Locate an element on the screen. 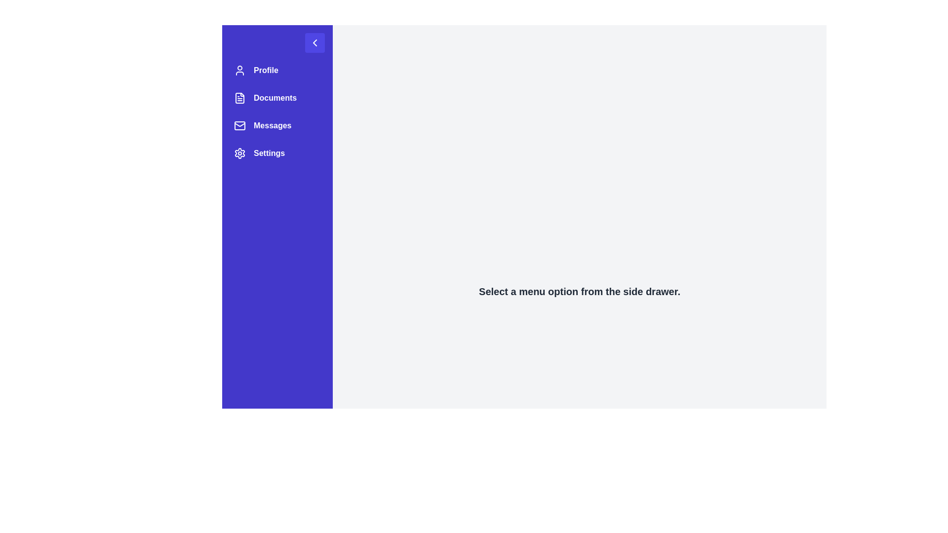 The height and width of the screenshot is (533, 948). the 'Messages' envelope-shaped icon located in the sidebar menu, which has a white body with purple borders is located at coordinates (239, 125).